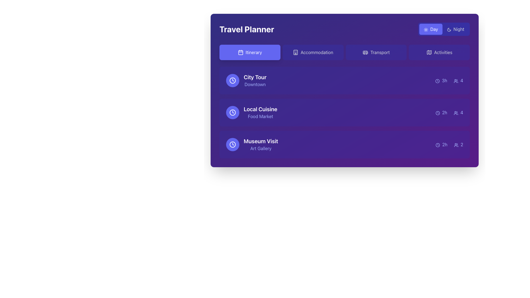  What do you see at coordinates (246, 29) in the screenshot?
I see `the text label that serves as a header or title for the travel planning panel, located at the top-left area of the interface` at bounding box center [246, 29].